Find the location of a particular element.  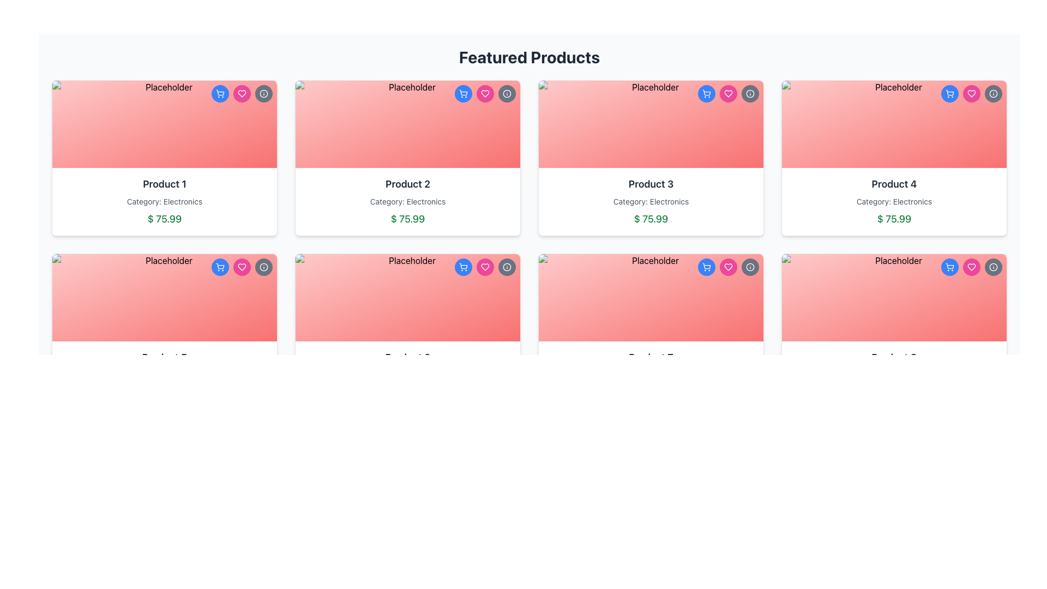

the circular blue button with a white border and shopping cart icon, located at the top-right corner of the 'Product 1' card, to trigger tooltips or visual highlights is located at coordinates (219, 93).